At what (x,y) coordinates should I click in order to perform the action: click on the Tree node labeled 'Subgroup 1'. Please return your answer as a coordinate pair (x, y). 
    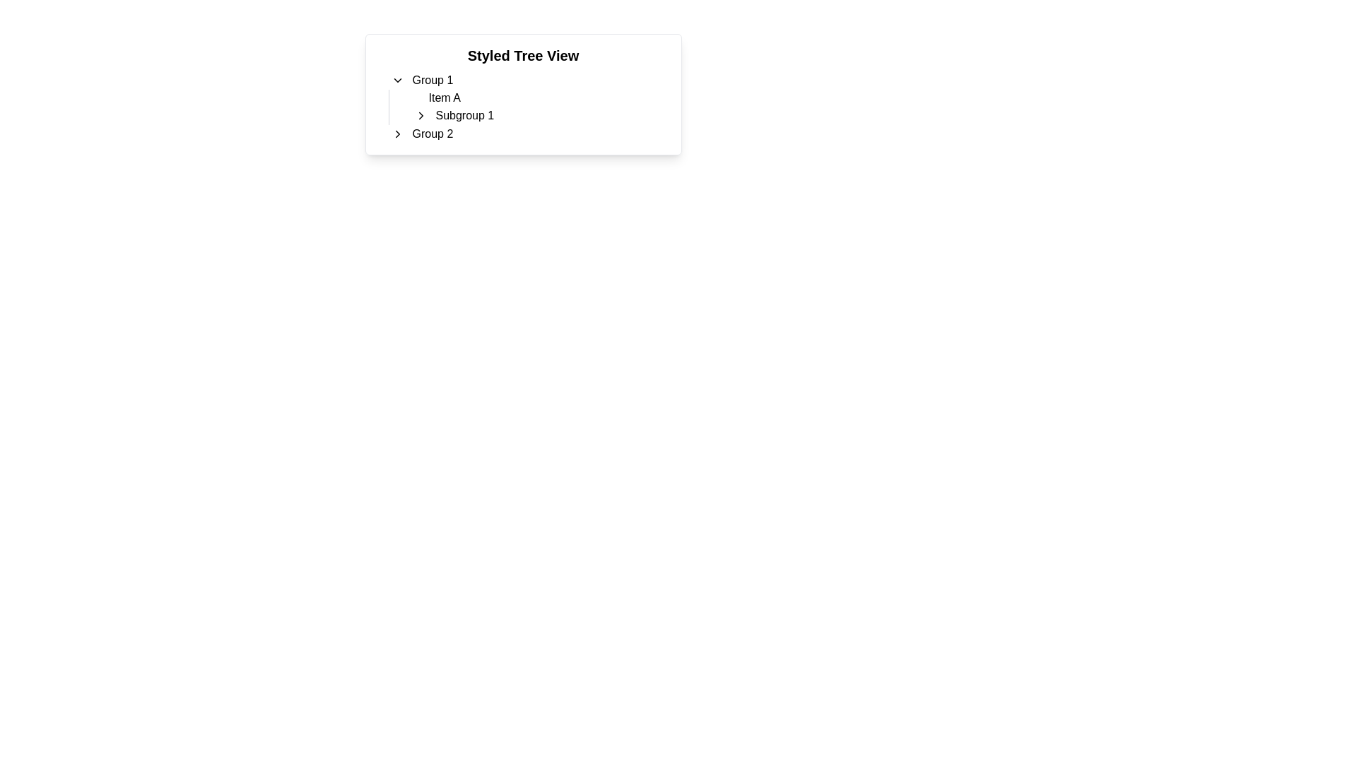
    Looking at the image, I should click on (534, 115).